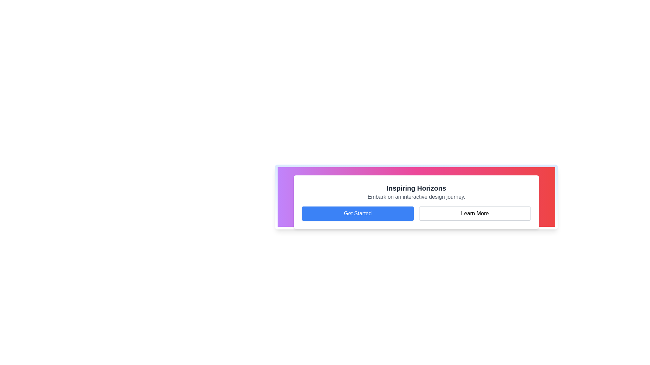 The image size is (650, 365). I want to click on text display that serves as the title or heading for the section, positioned above the subtitle 'Embark on an interactive design journey.' and the buttons 'Get Started' and 'Learn More', so click(416, 188).